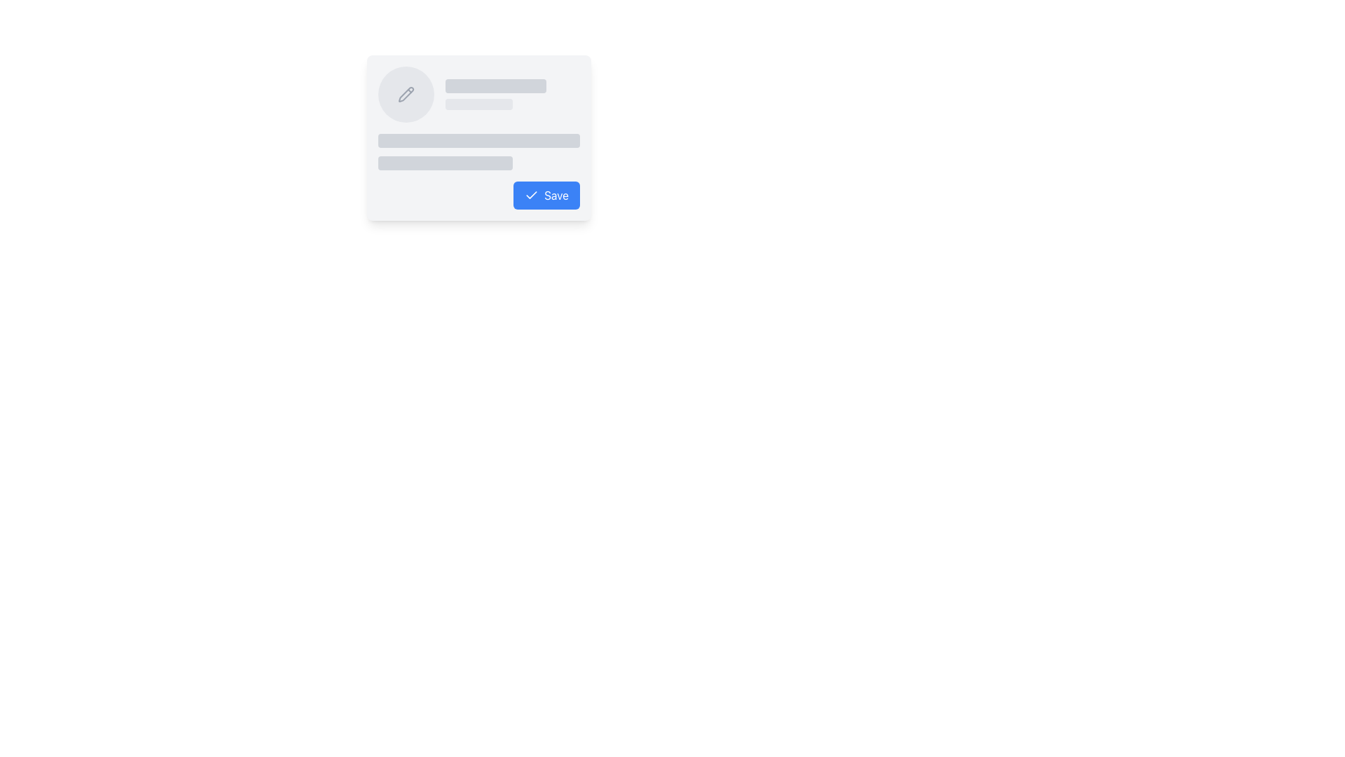  I want to click on the pencil icon graphic representing the edit functionality located in the top-left corner of the card area, so click(406, 95).